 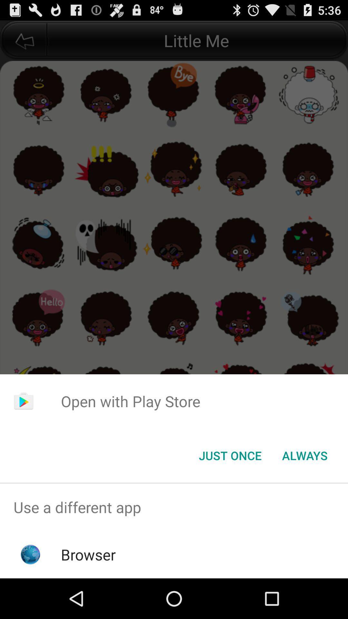 What do you see at coordinates (304, 455) in the screenshot?
I see `item next to the just once item` at bounding box center [304, 455].